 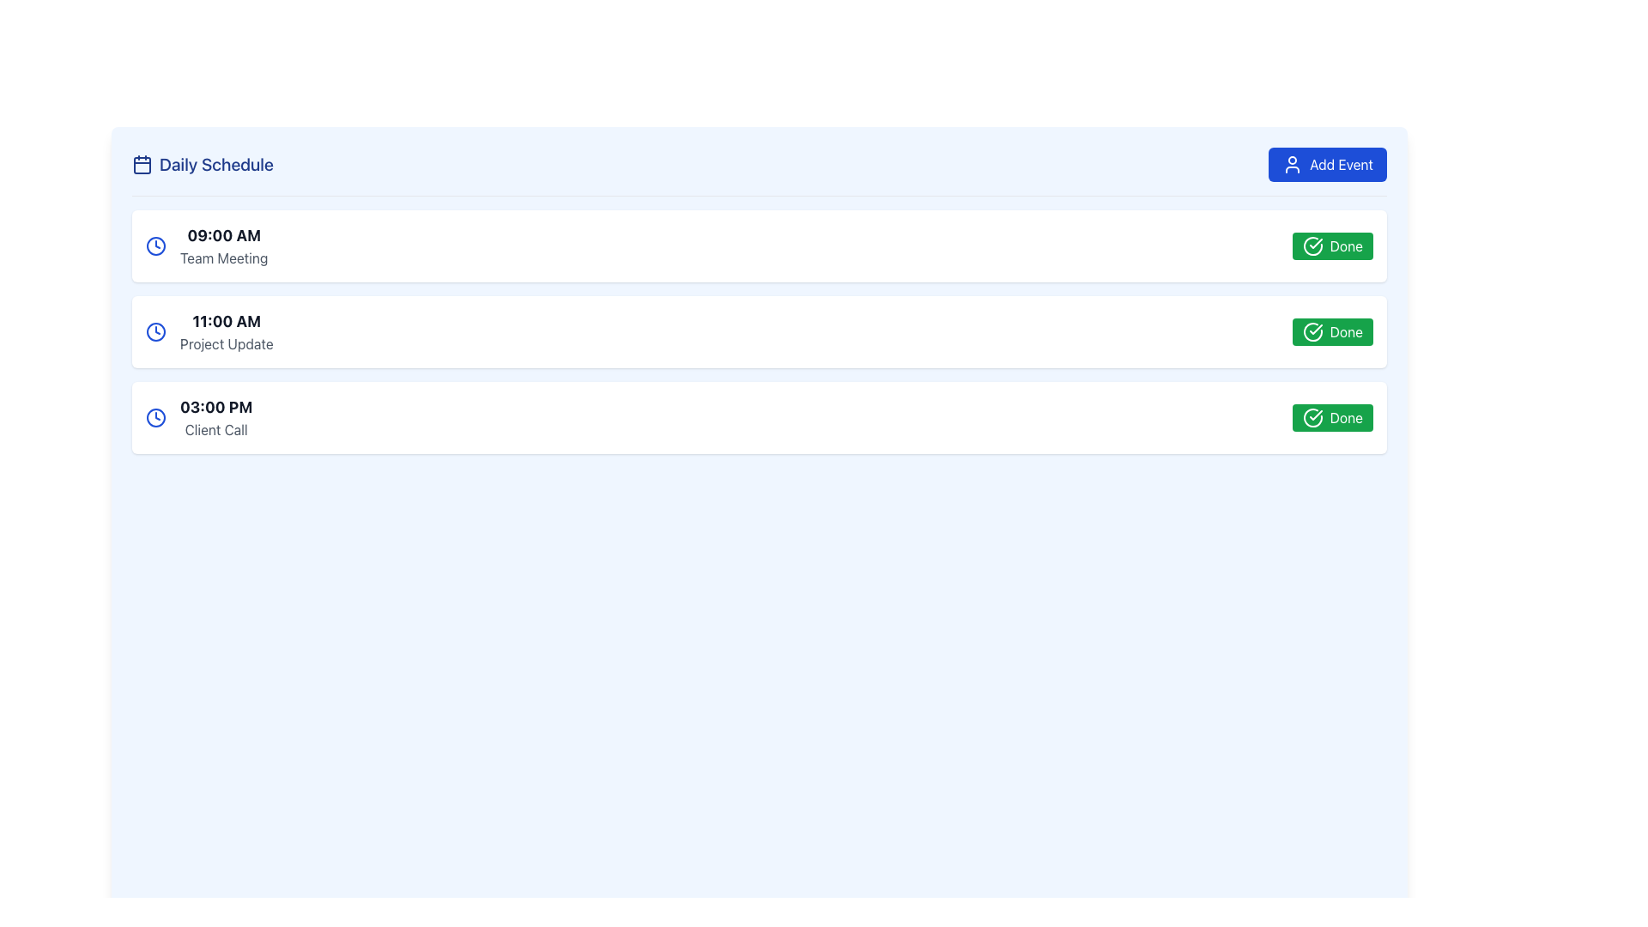 What do you see at coordinates (222, 245) in the screenshot?
I see `the text label displaying '09:00 AM' at the top of the event entry under 'Daily Schedule' to possibly trigger additional details or actions` at bounding box center [222, 245].